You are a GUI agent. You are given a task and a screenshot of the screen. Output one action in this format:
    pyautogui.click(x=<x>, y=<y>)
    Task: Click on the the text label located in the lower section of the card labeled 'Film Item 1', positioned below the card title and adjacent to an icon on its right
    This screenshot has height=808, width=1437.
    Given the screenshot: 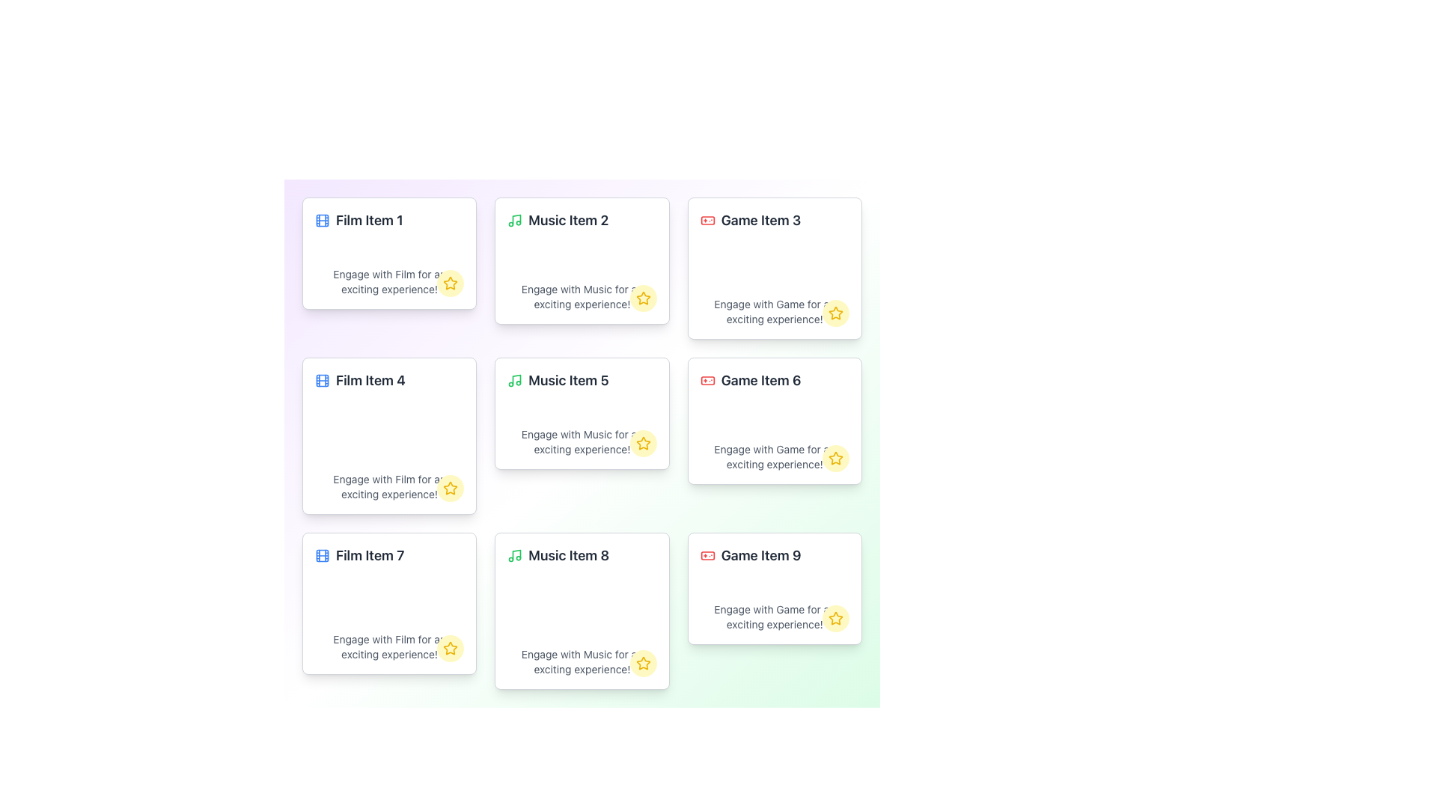 What is the action you would take?
    pyautogui.click(x=389, y=282)
    